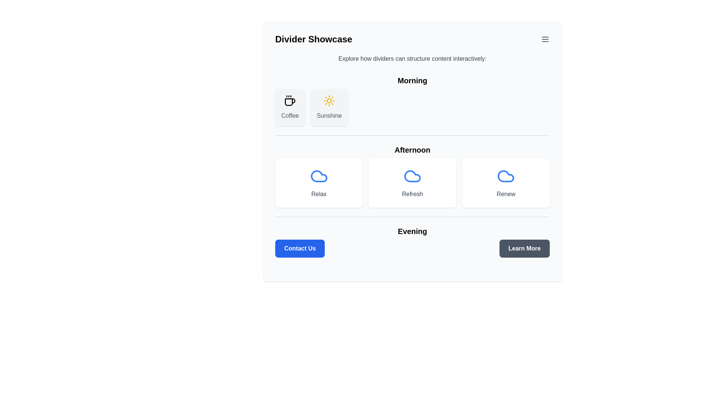 Image resolution: width=720 pixels, height=405 pixels. I want to click on the non-interactive text label located in the bottom section of the third card from the left in the 'Afternoon' group, positioned directly beneath a cloud icon, so click(506, 193).